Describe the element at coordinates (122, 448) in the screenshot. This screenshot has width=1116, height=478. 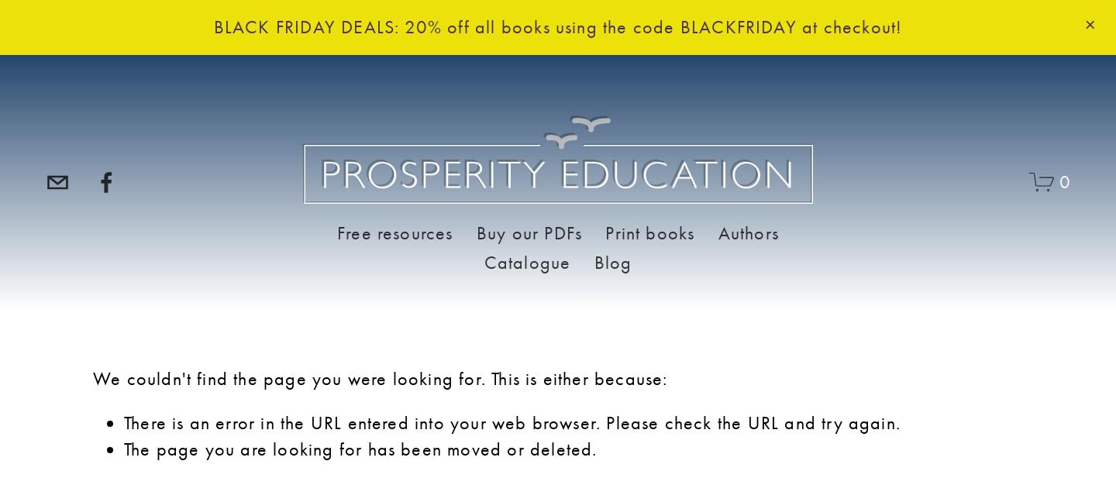
I see `'The page you are looking for has been moved or deleted.'` at that location.